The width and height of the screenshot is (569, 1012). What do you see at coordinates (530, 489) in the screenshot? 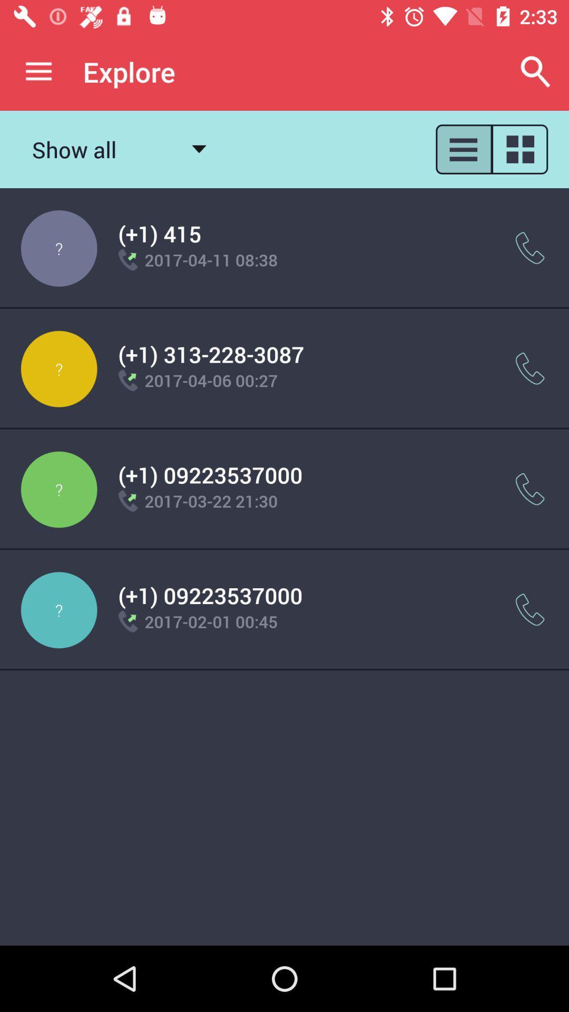
I see `call phone number` at bounding box center [530, 489].